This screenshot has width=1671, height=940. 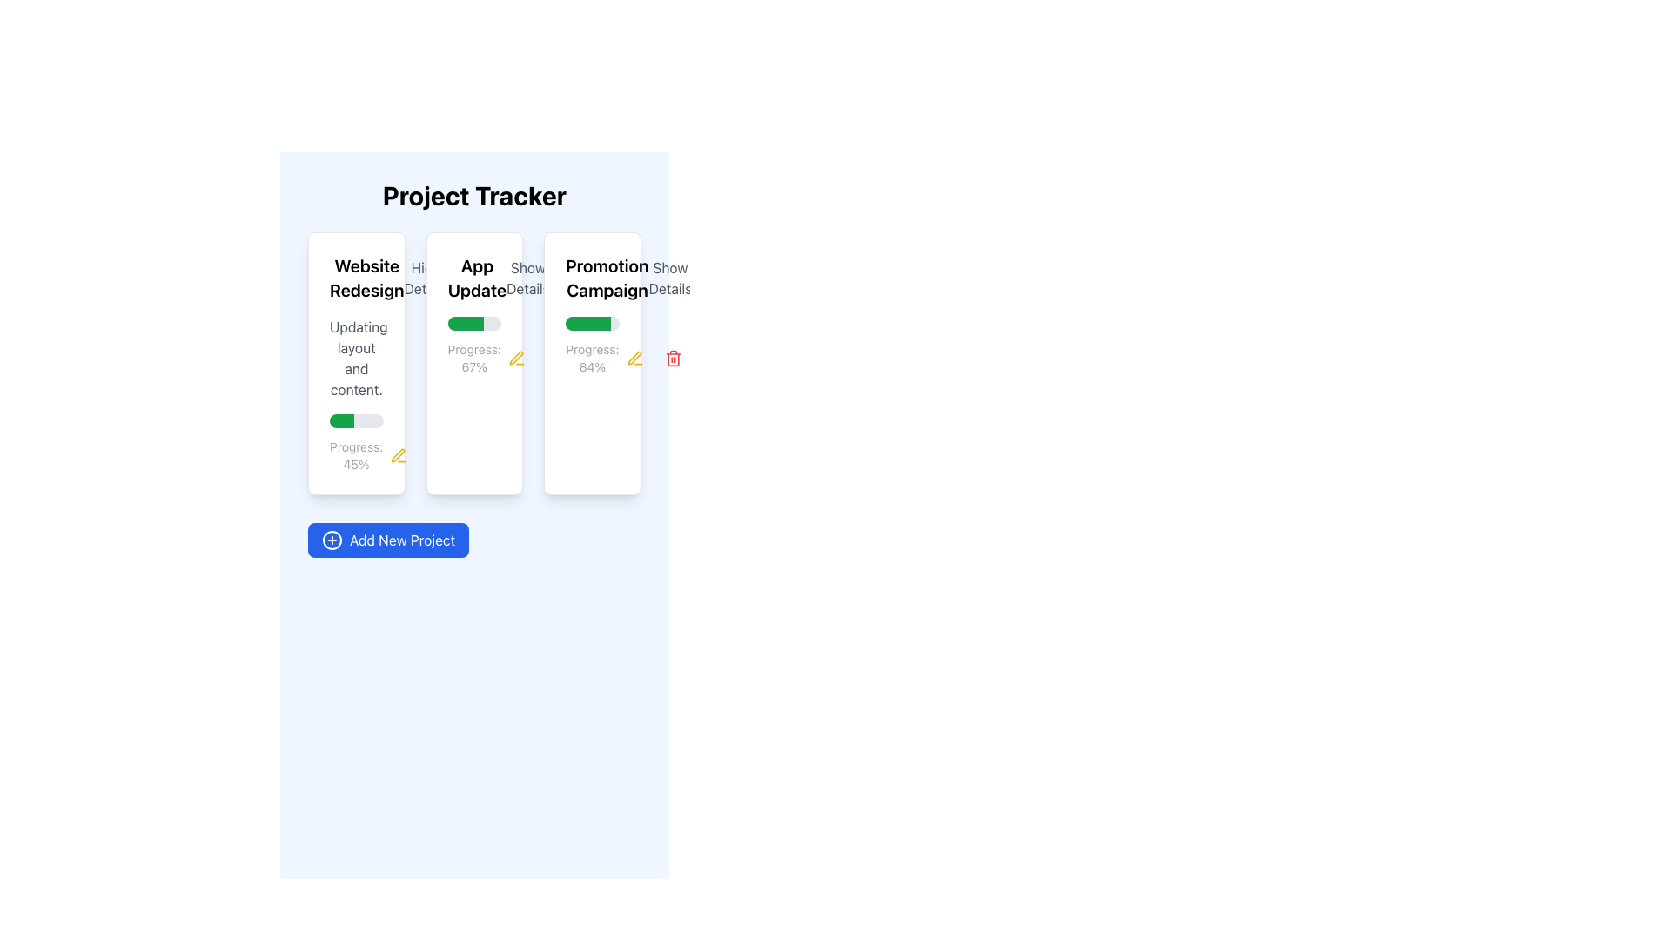 What do you see at coordinates (426, 278) in the screenshot?
I see `the toggle button located directly to the right of the 'Website Redesign' header text to hide the details of the project` at bounding box center [426, 278].